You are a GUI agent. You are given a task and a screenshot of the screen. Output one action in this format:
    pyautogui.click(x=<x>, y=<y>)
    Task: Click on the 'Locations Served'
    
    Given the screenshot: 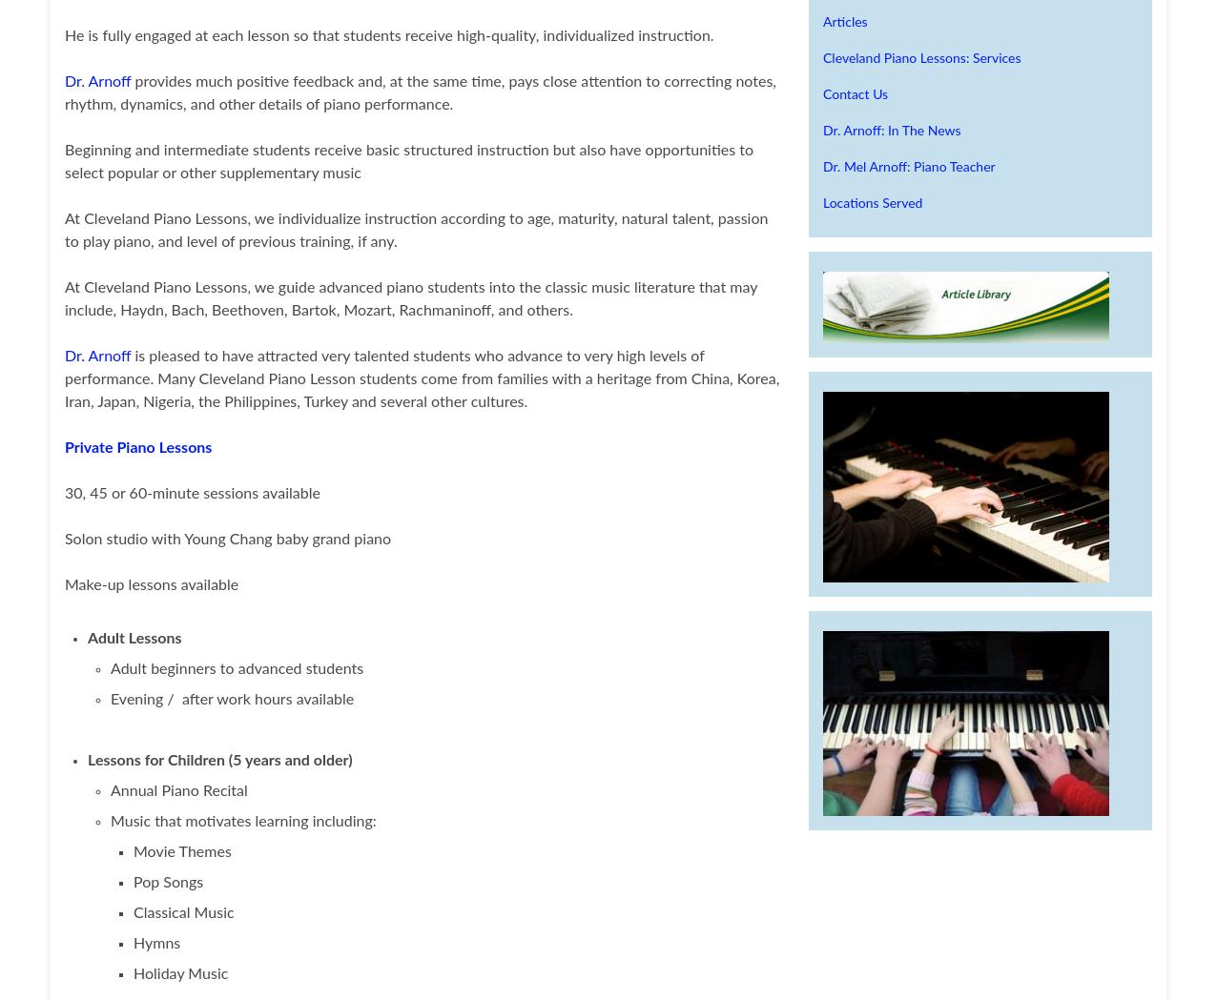 What is the action you would take?
    pyautogui.click(x=872, y=203)
    